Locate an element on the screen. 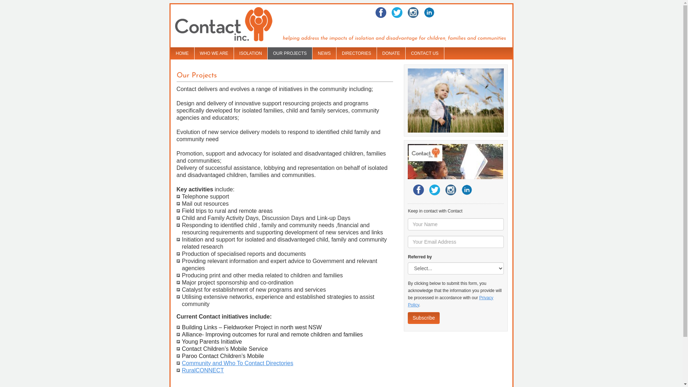 The height and width of the screenshot is (387, 688). 'NEWS' is located at coordinates (312, 53).